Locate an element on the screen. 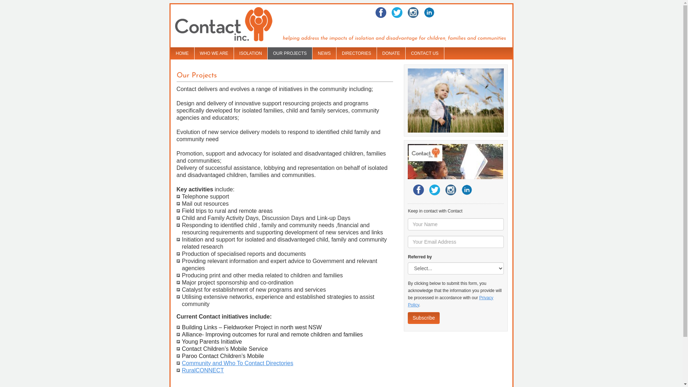 The height and width of the screenshot is (387, 688). 'NEWS' is located at coordinates (312, 53).